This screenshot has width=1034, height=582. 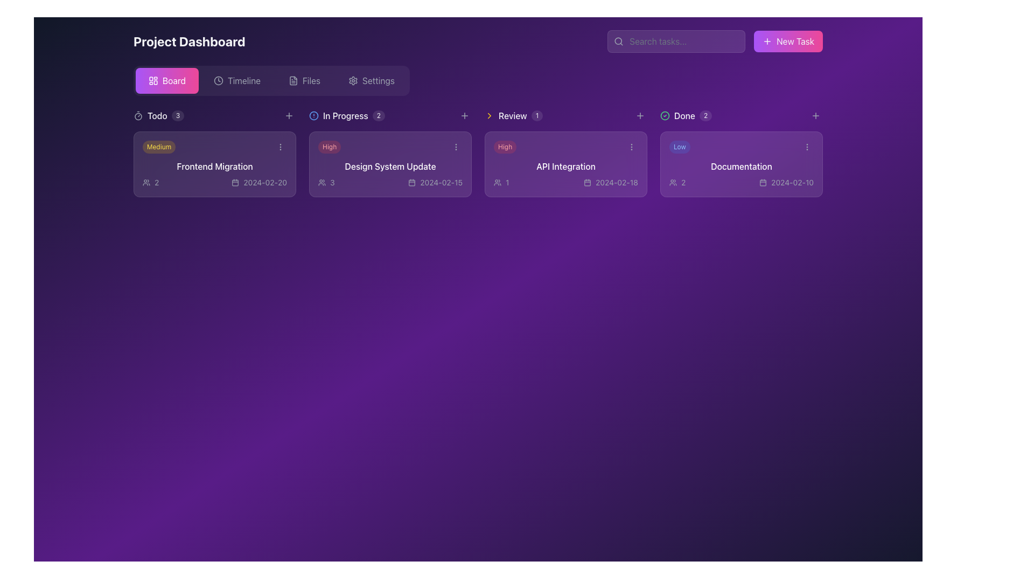 What do you see at coordinates (441, 182) in the screenshot?
I see `the text label displaying the due date for the task in the bottom-right corner of the 'Design System Update' card, which is adjacent to a calendar icon` at bounding box center [441, 182].